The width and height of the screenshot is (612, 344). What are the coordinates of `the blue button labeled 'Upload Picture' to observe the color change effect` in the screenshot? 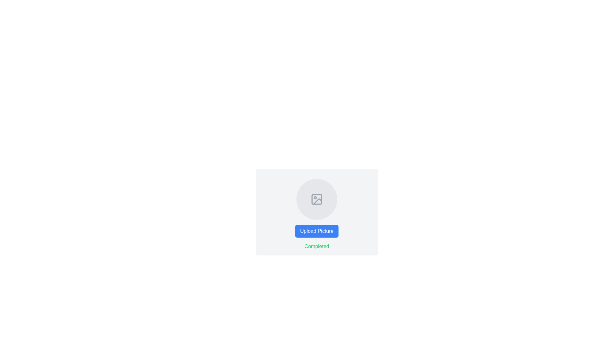 It's located at (317, 231).